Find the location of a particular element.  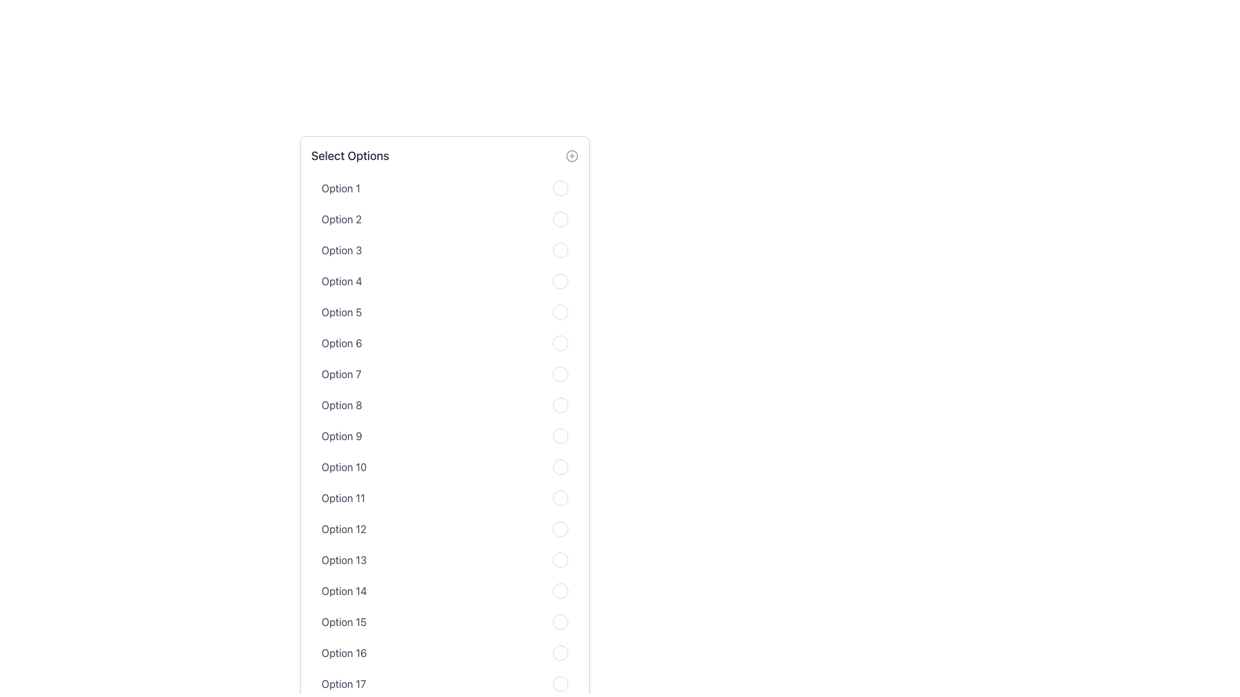

the circular outline SVG graphical element located at the top-right corner of the options list, adjacent to the title text 'Select Options' is located at coordinates (572, 156).